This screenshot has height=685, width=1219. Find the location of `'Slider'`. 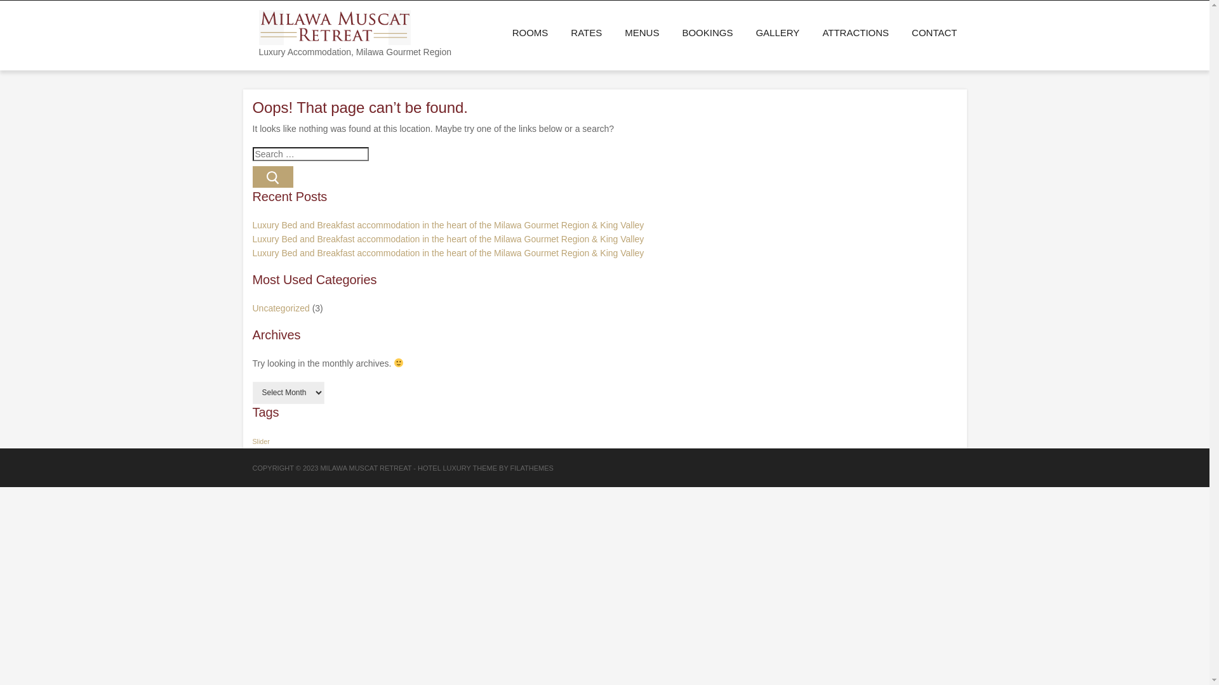

'Slider' is located at coordinates (253, 440).